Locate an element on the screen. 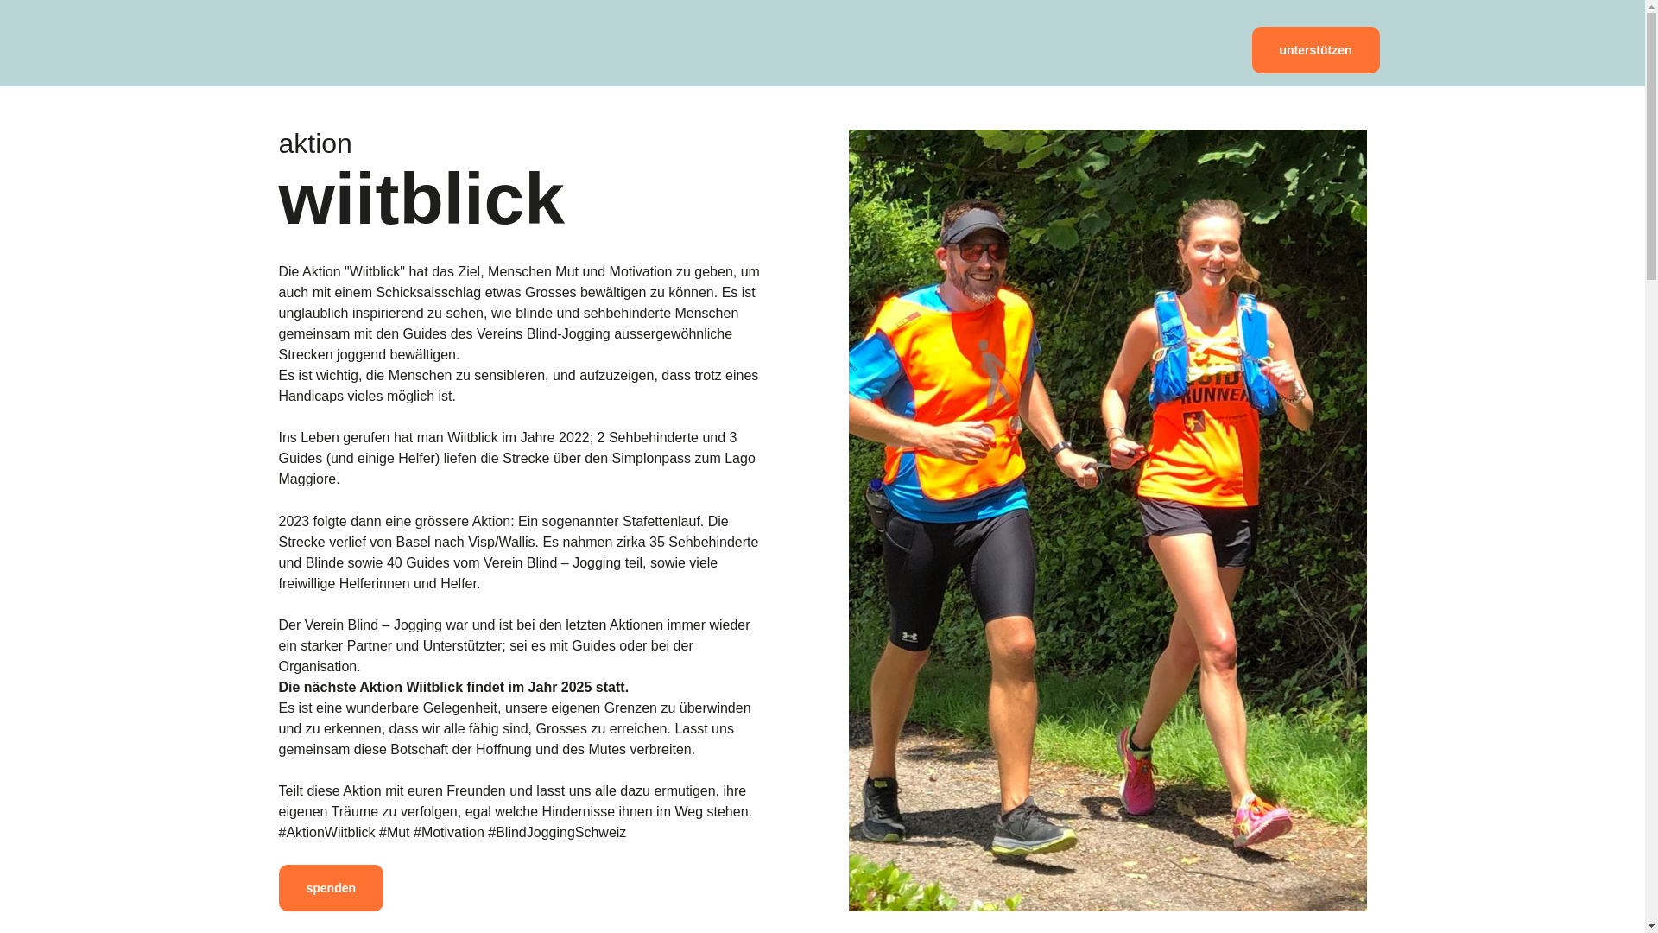 The height and width of the screenshot is (933, 1658). 'spenden' is located at coordinates (331, 888).